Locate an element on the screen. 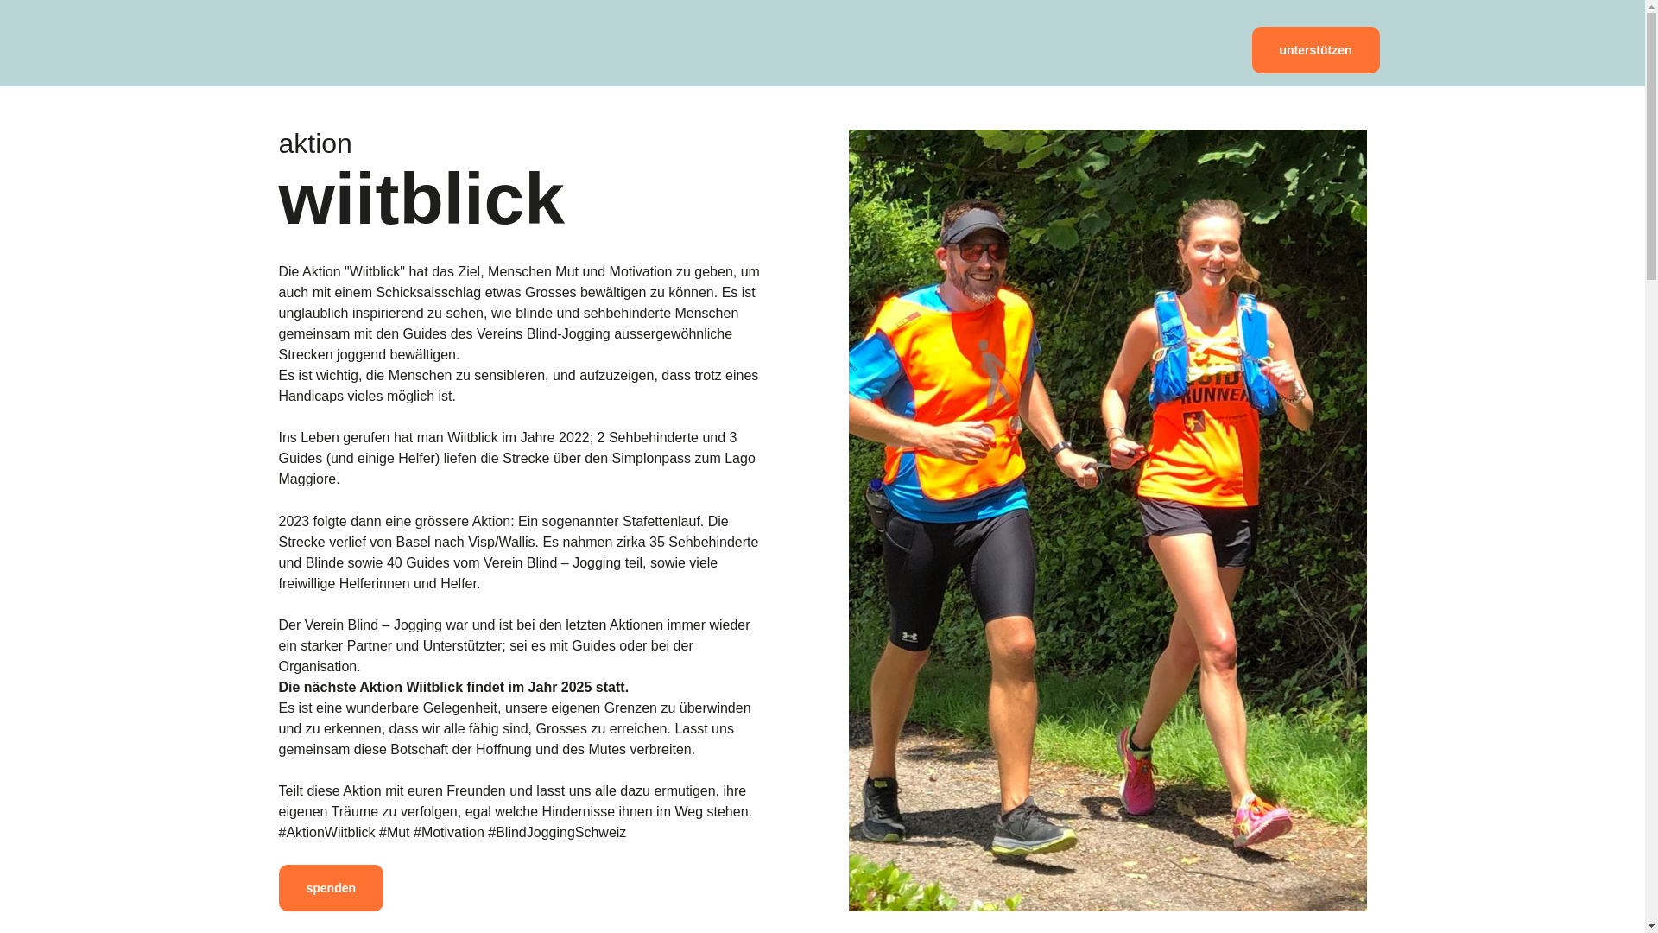 The height and width of the screenshot is (933, 1658). 'spenden' is located at coordinates (331, 888).